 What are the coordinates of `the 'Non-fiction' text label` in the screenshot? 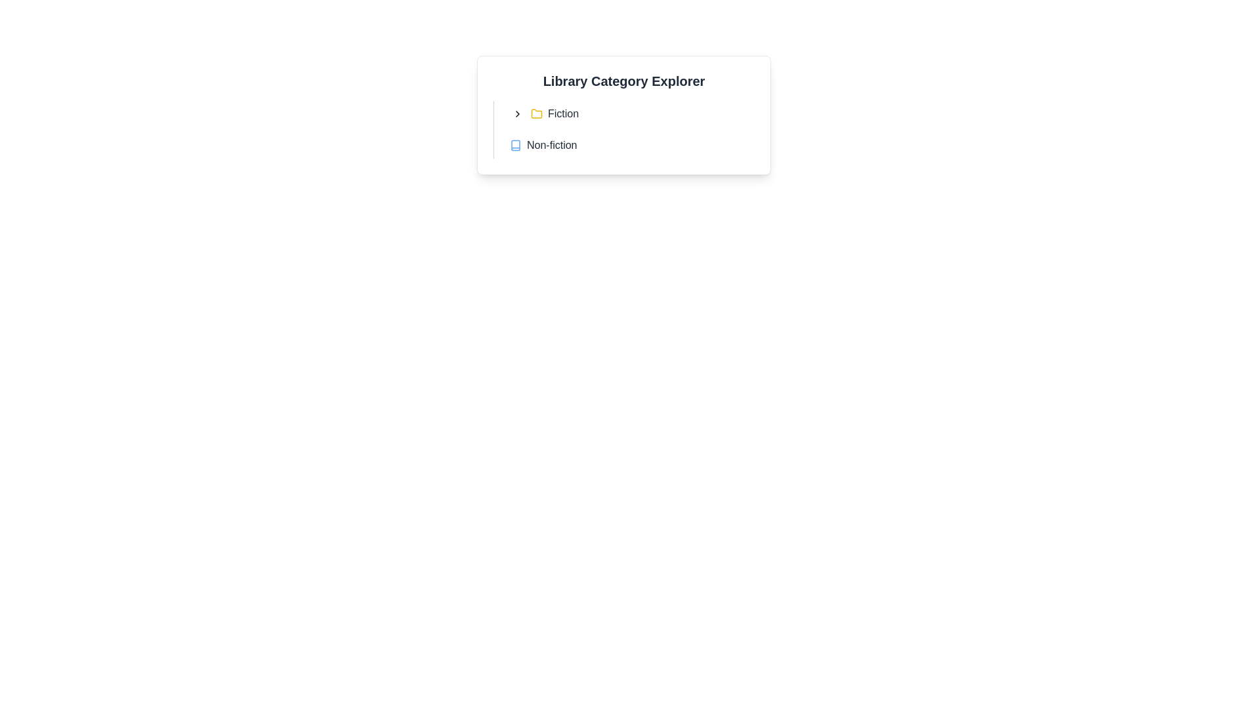 It's located at (552, 146).